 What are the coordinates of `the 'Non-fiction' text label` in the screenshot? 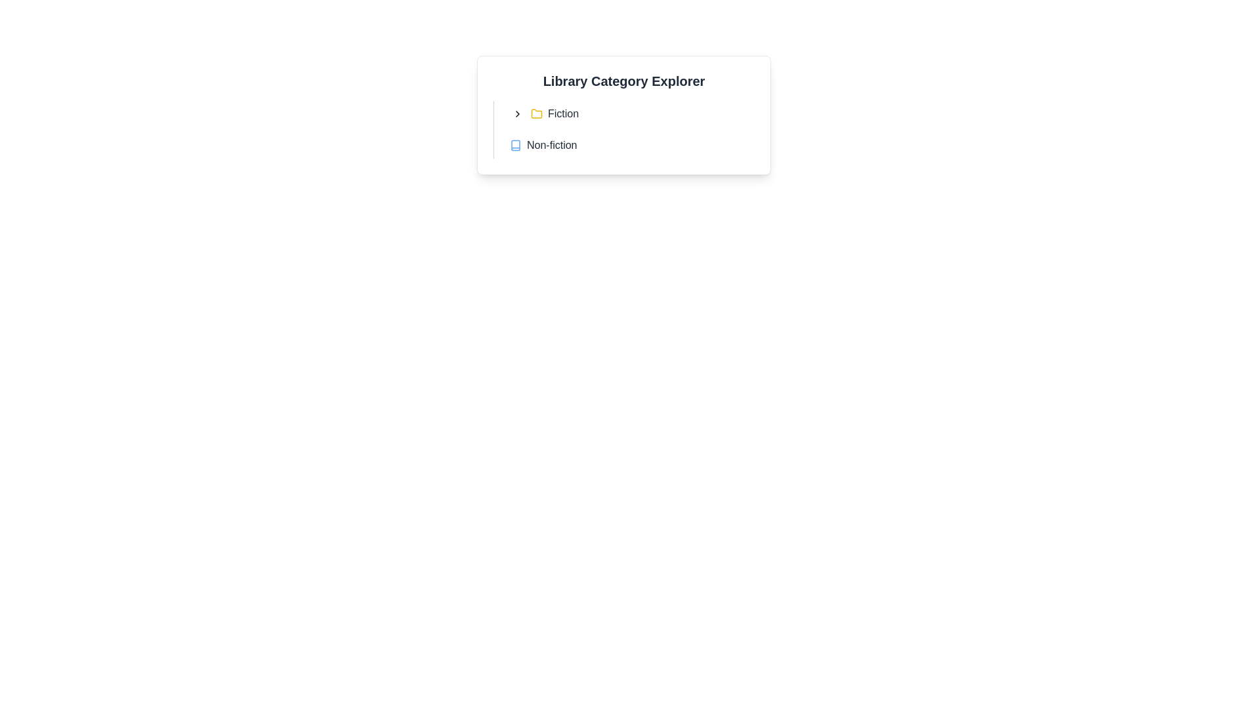 It's located at (552, 146).